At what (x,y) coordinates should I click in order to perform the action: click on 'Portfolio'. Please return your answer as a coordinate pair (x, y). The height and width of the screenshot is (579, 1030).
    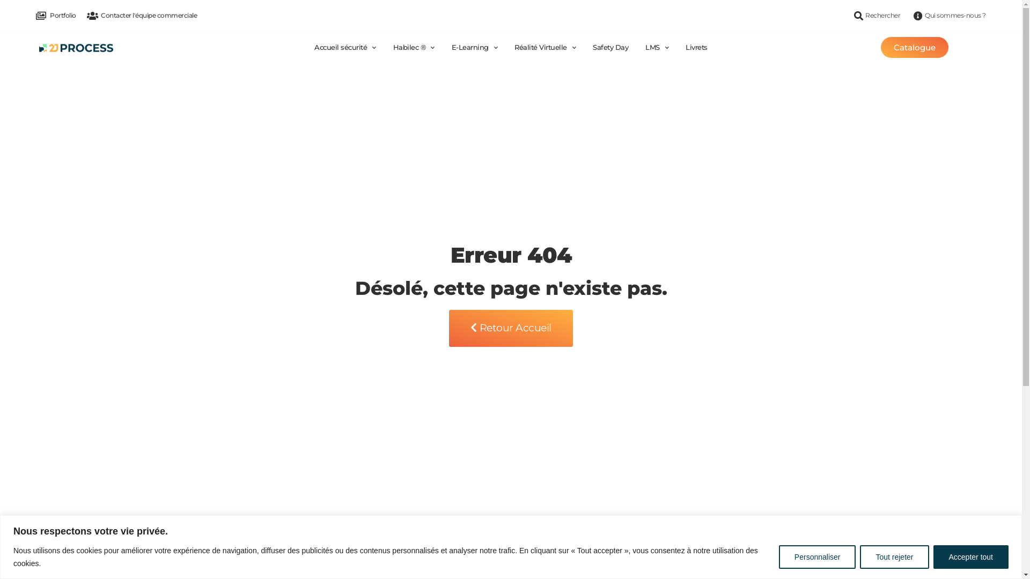
    Looking at the image, I should click on (36, 16).